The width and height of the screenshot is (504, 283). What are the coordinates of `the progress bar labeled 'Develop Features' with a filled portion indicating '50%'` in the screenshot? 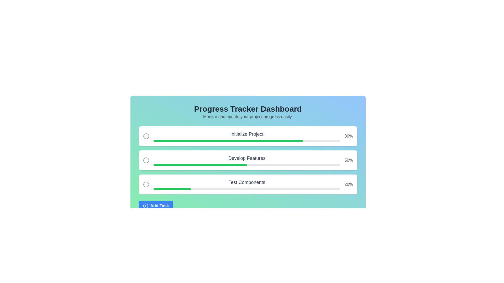 It's located at (246, 165).